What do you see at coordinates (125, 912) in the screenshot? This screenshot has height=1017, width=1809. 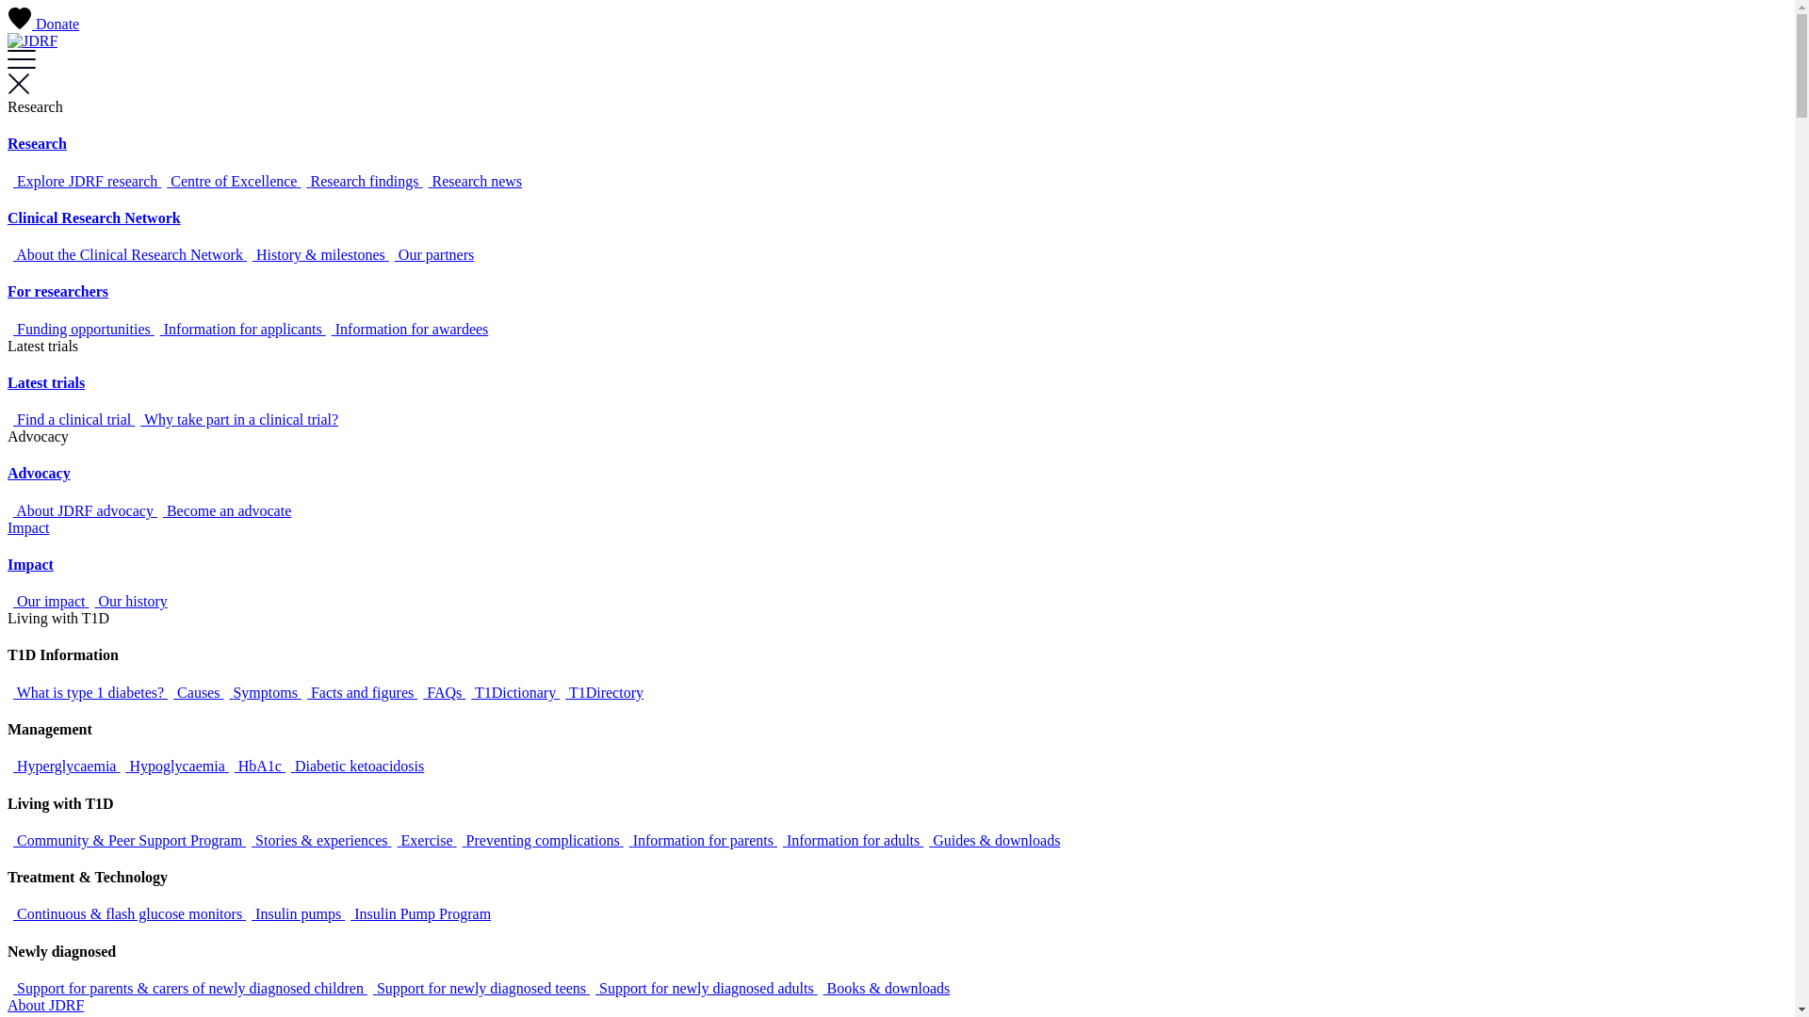 I see `'Continuous & flash glucose monitors'` at bounding box center [125, 912].